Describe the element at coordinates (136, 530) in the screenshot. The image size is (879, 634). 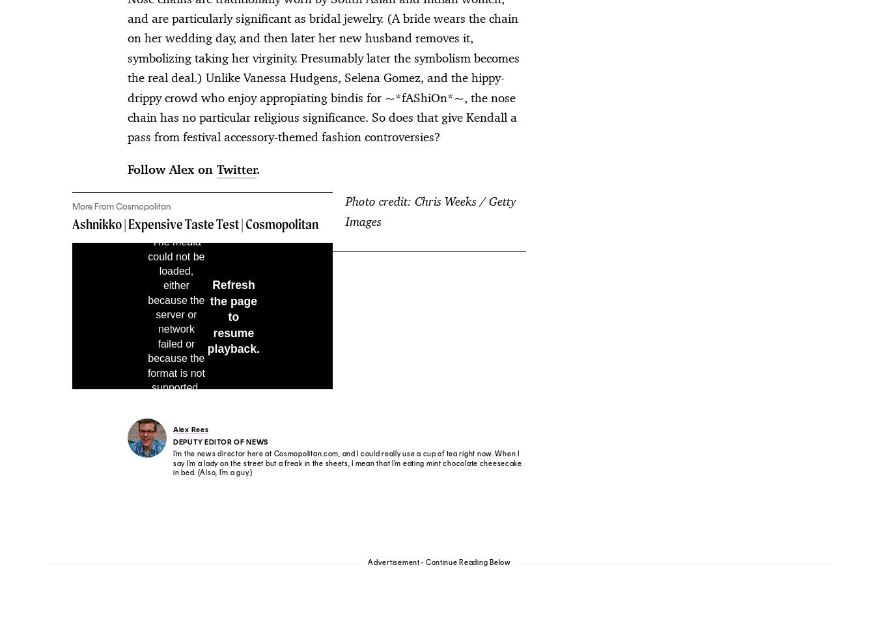
I see `'A Part of Hearst Digital Media'` at that location.